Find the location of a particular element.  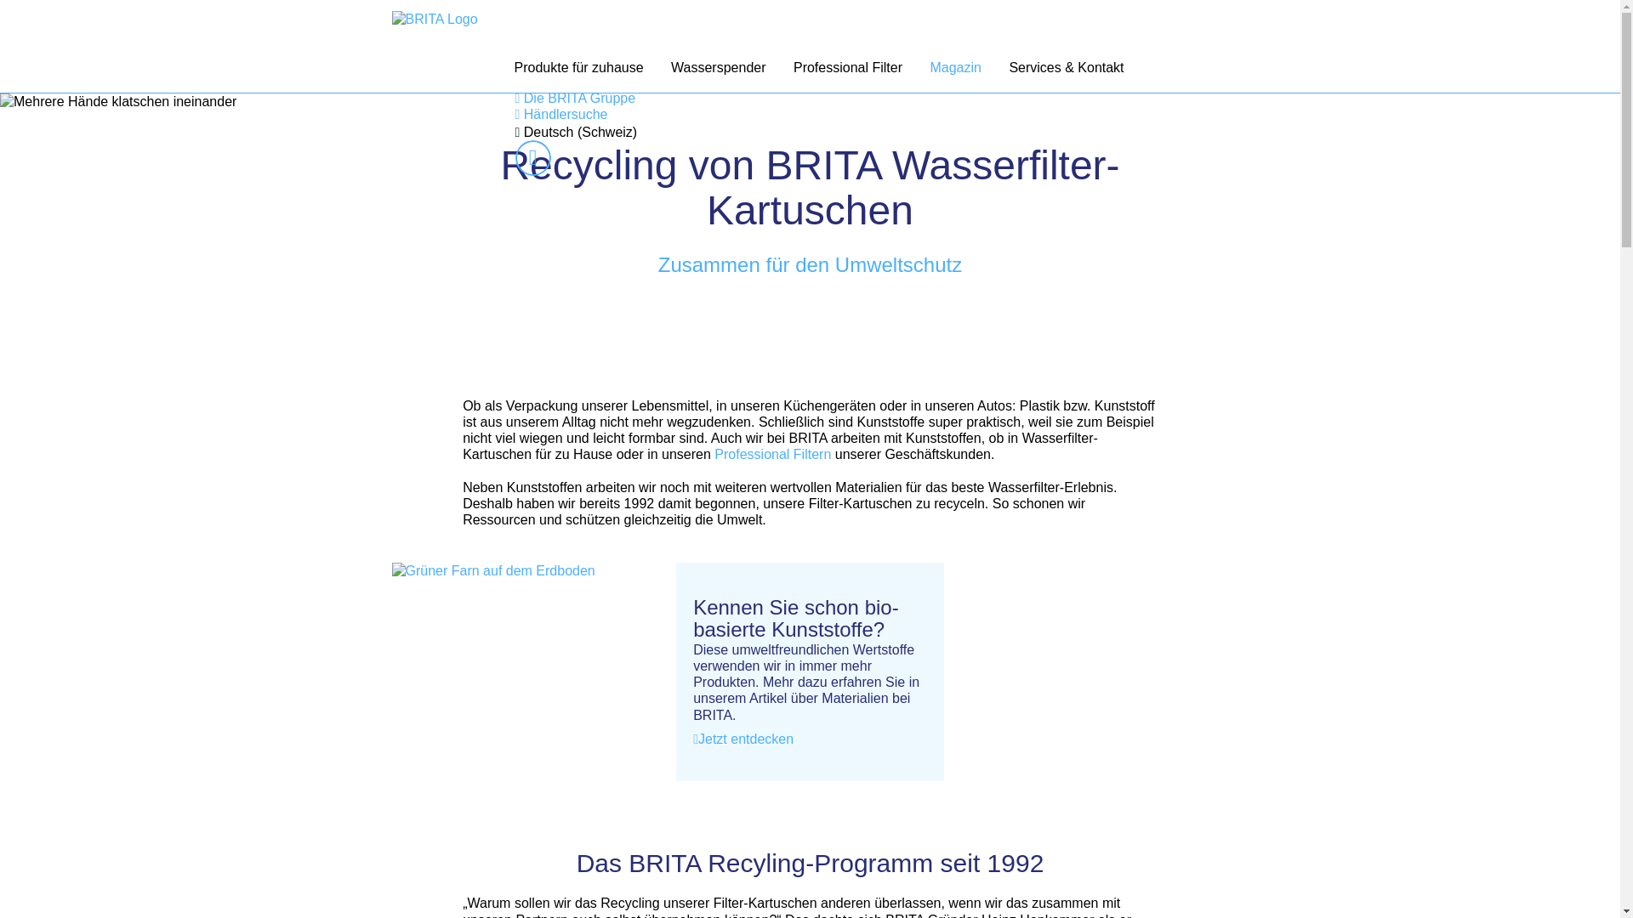

'Deutsch (Schweiz)' is located at coordinates (514, 131).